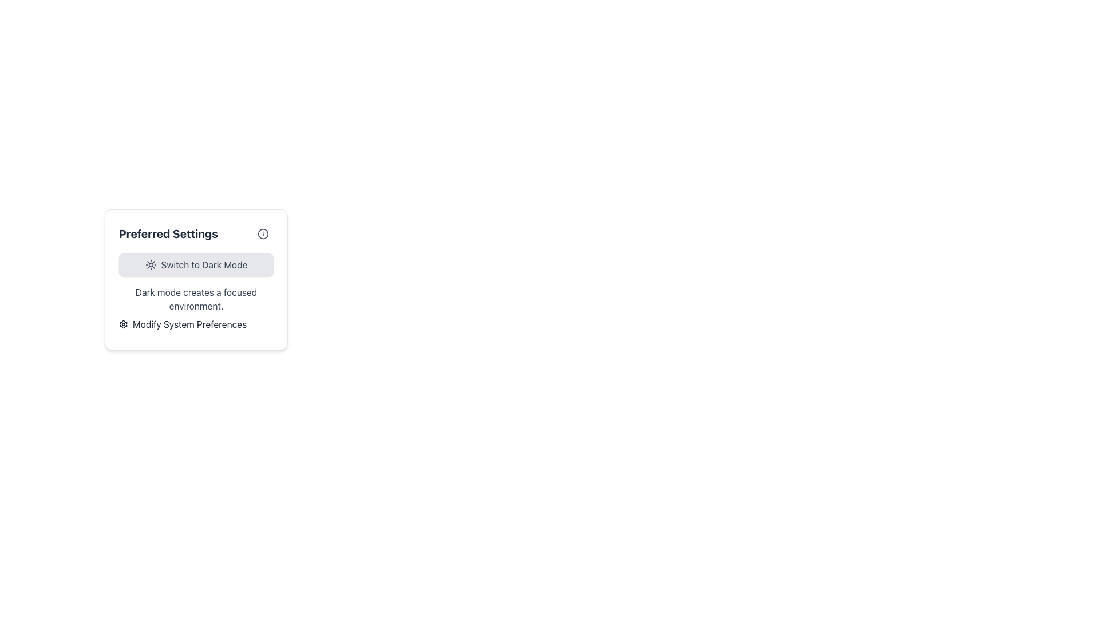  I want to click on and focus on the gear icon within the 'Modify System Preferences' section of the 'Preferred Settings' card element for additional options, so click(196, 280).